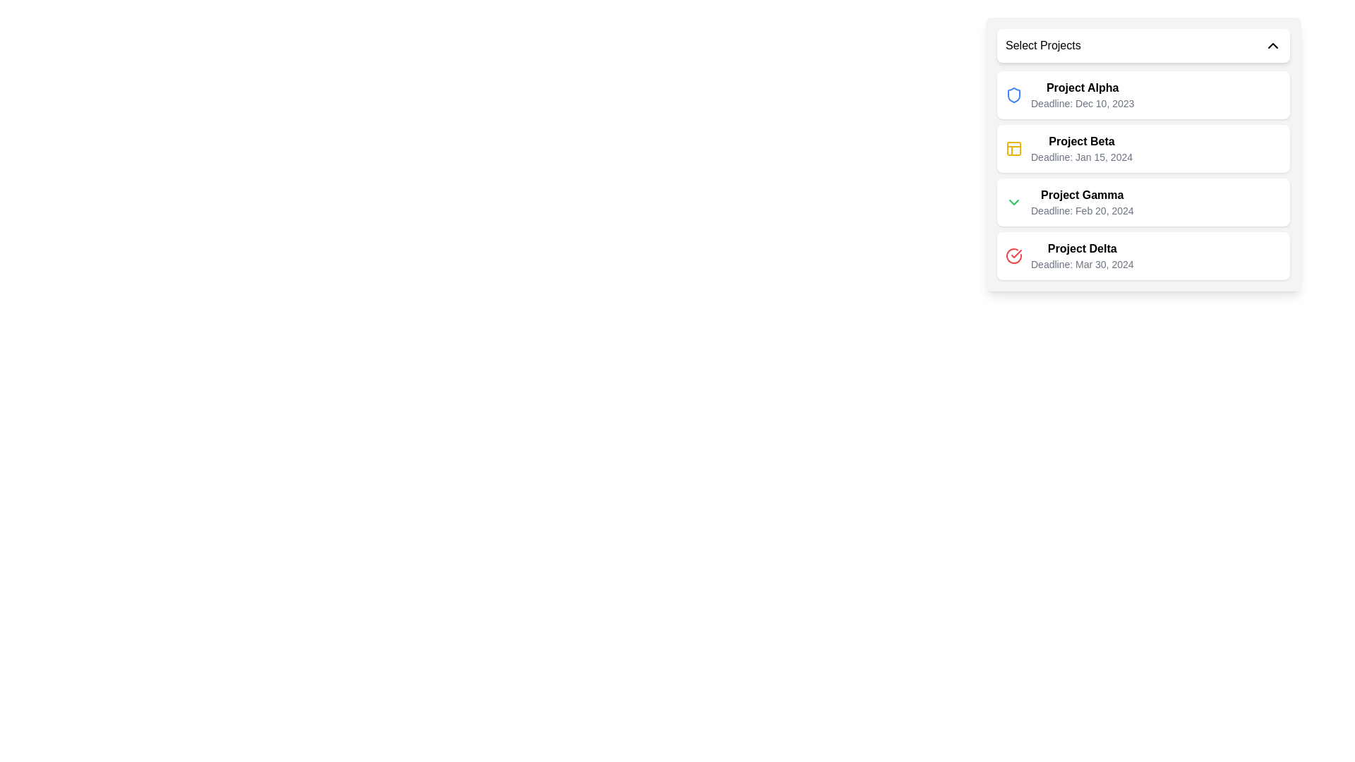 Image resolution: width=1355 pixels, height=762 pixels. What do you see at coordinates (1082, 95) in the screenshot?
I see `the text block displaying the project name and deadline in the dropdown list, located to the right of the blue icon in the first item titled 'Select Projects'` at bounding box center [1082, 95].